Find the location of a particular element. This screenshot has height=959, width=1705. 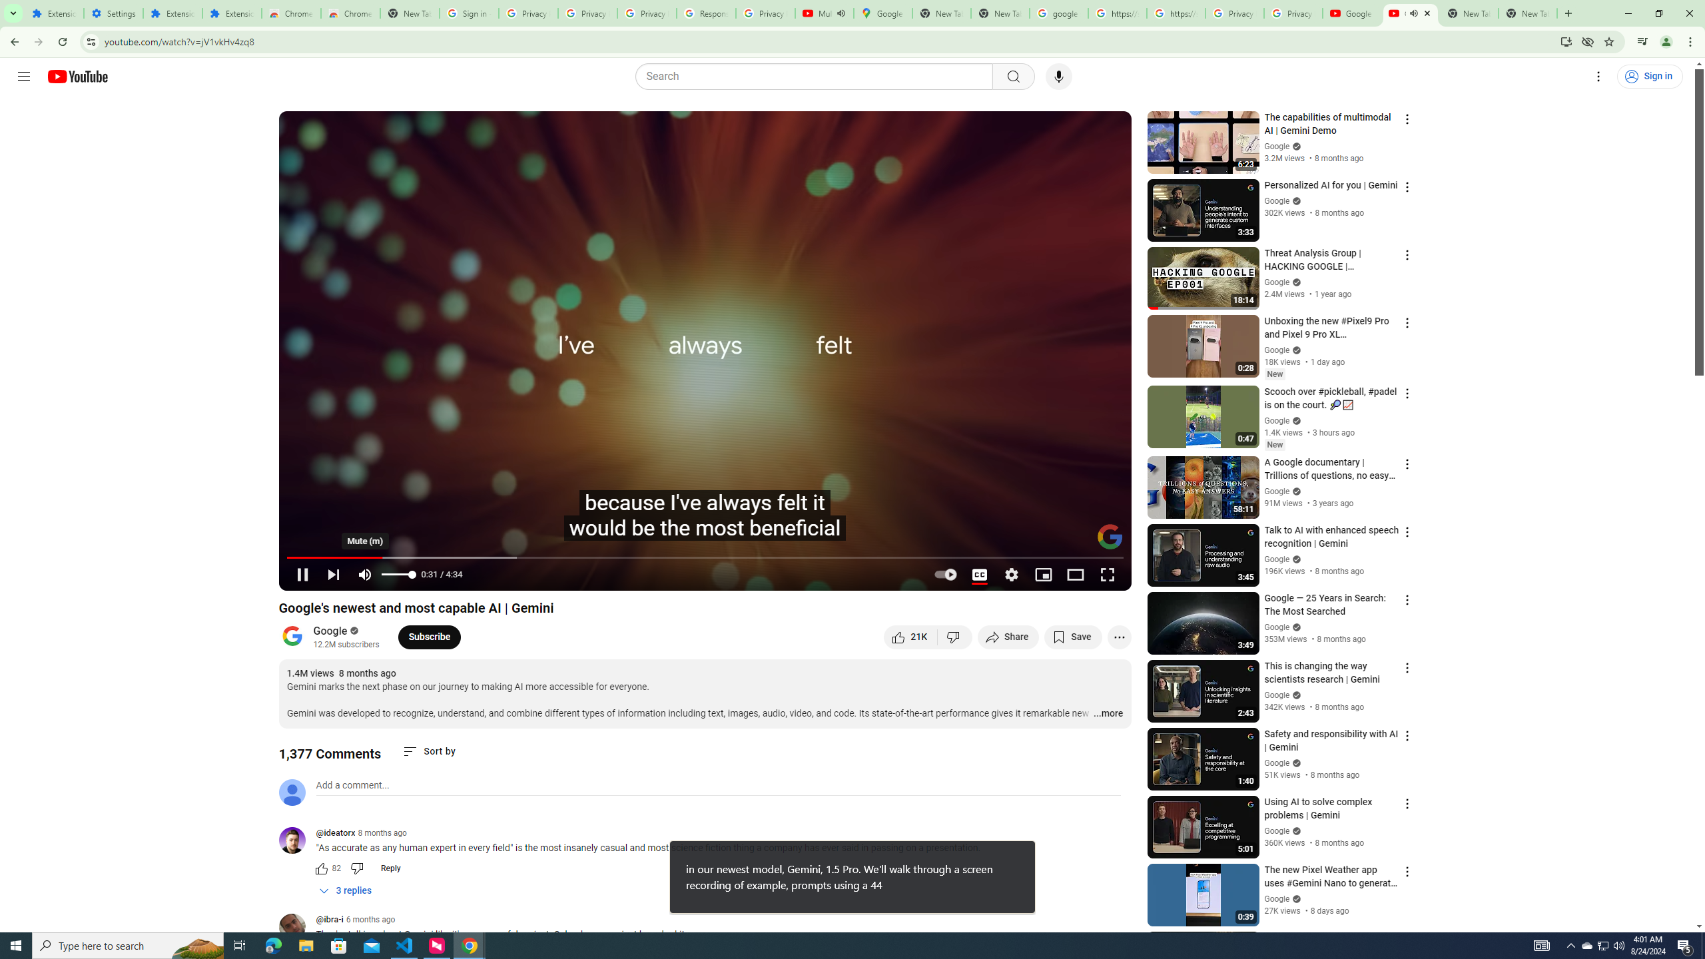

'Theater mode (t)' is located at coordinates (1075, 574).